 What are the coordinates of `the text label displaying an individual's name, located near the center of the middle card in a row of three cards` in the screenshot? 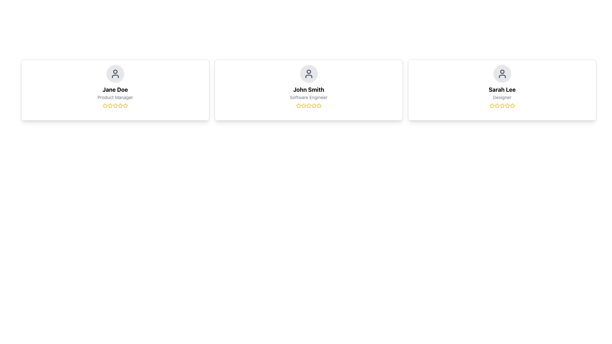 It's located at (309, 90).